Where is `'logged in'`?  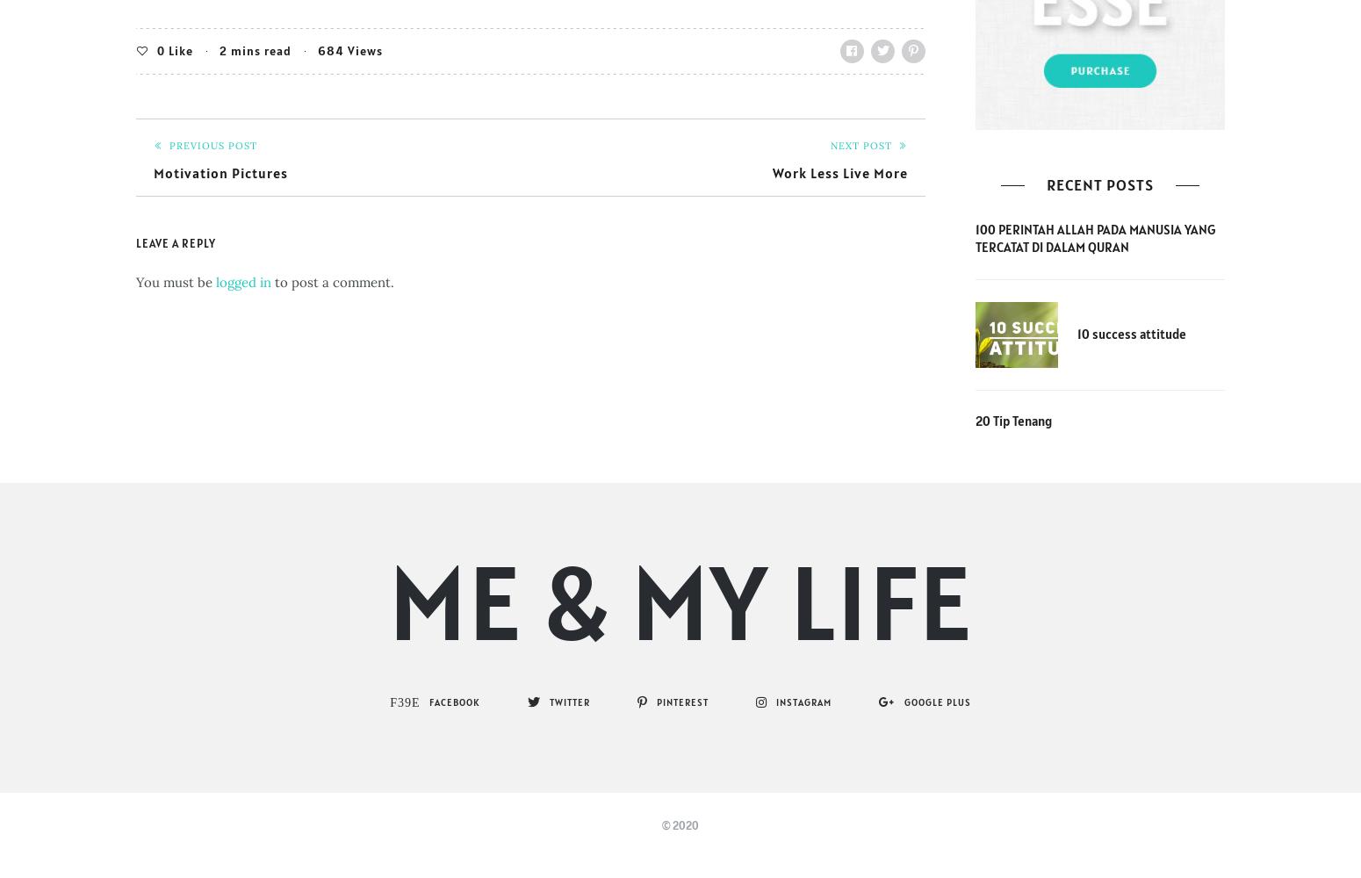 'logged in' is located at coordinates (243, 280).